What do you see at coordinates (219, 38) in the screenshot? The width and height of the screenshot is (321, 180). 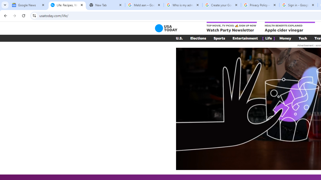 I see `'Sports'` at bounding box center [219, 38].